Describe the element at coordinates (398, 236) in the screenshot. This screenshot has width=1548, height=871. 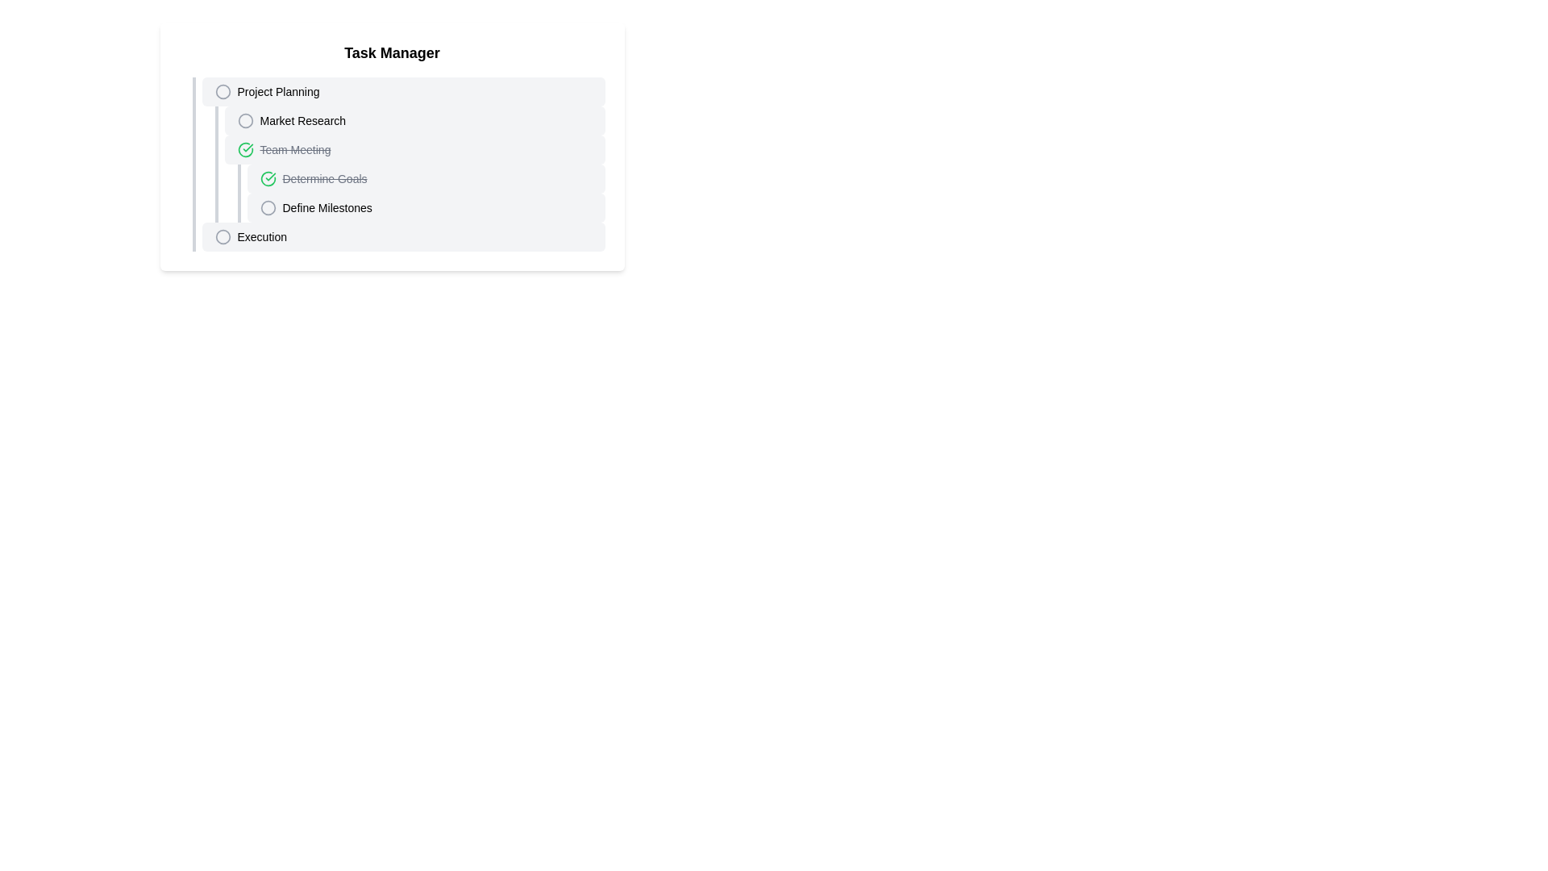
I see `the 'Execution' task step in the task manager interface` at that location.